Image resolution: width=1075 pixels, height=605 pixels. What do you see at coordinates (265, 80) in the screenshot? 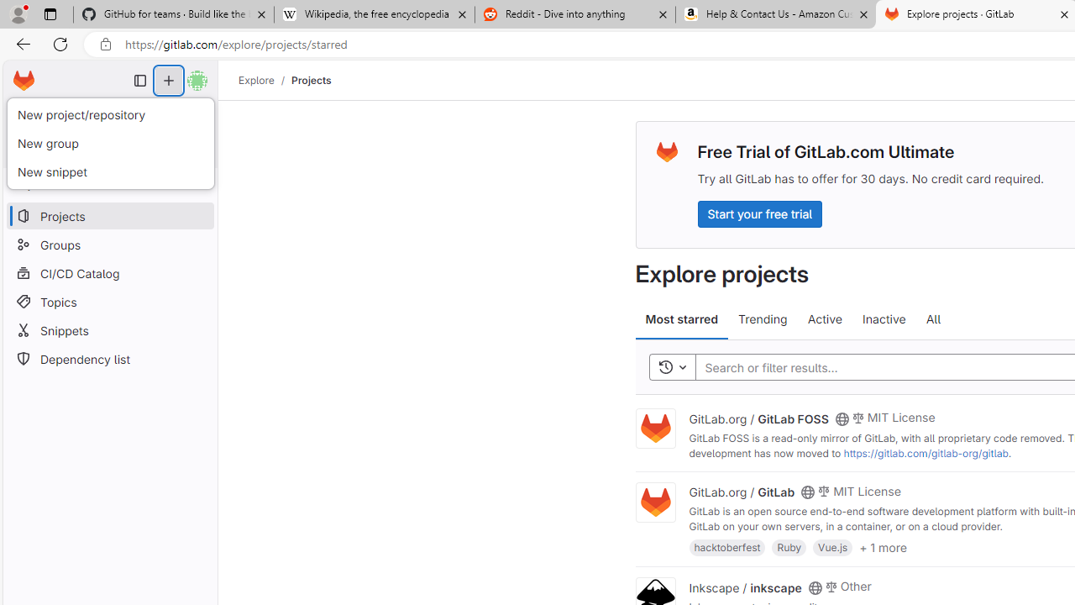
I see `'Explore/'` at bounding box center [265, 80].